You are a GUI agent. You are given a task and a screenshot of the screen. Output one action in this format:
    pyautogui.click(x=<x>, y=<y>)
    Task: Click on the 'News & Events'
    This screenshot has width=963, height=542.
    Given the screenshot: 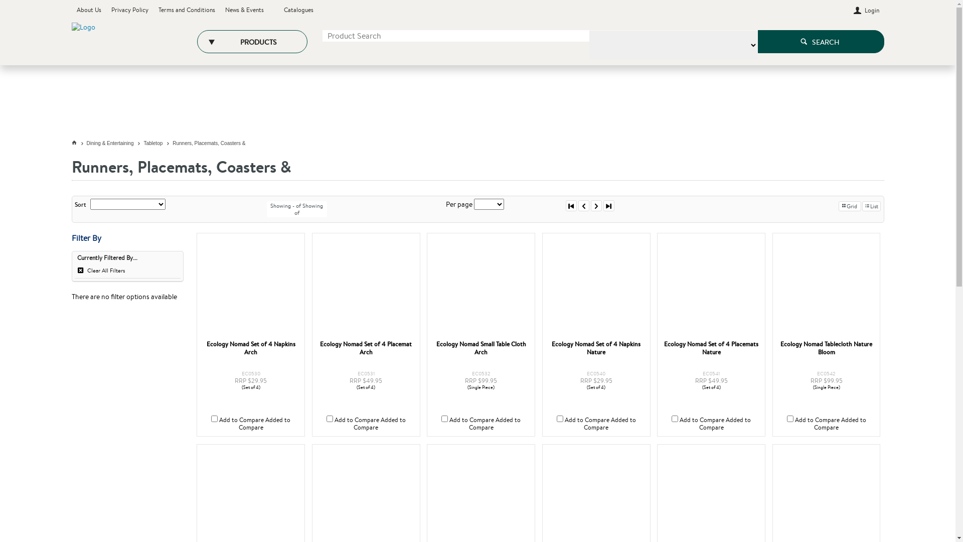 What is the action you would take?
    pyautogui.click(x=224, y=10)
    